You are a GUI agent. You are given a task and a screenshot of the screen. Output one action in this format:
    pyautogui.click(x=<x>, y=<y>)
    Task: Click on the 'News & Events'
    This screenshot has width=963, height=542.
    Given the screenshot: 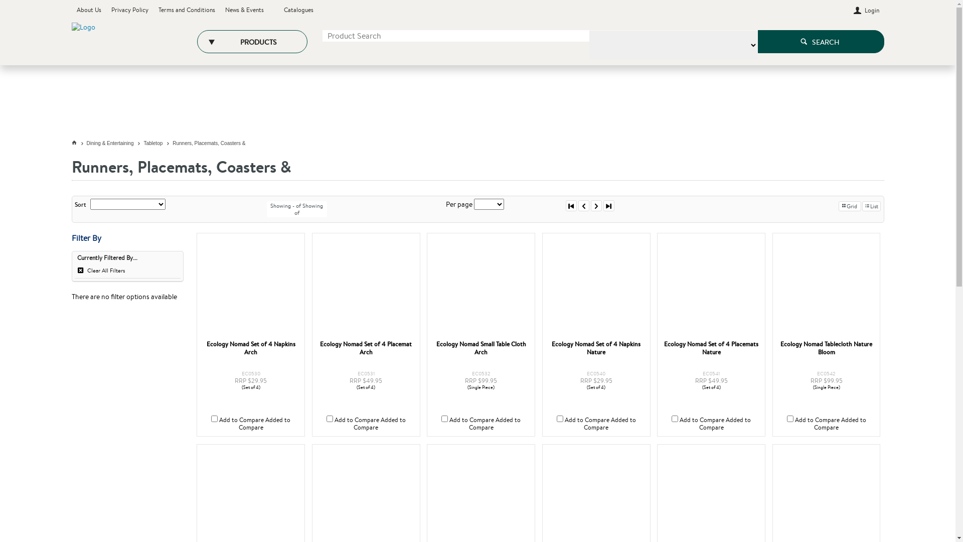 What is the action you would take?
    pyautogui.click(x=224, y=10)
    